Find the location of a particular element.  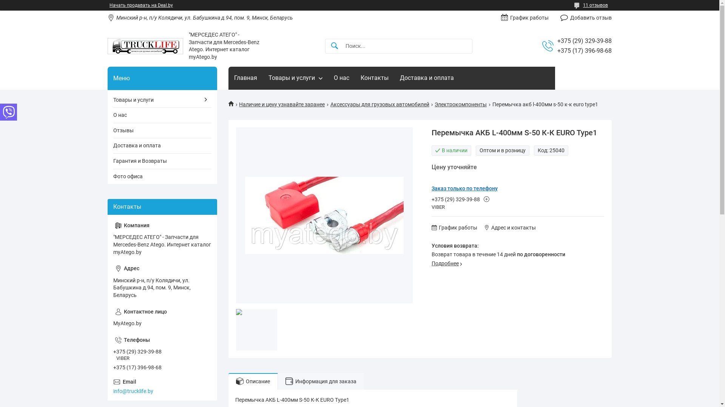

'info@trucklife.by' is located at coordinates (113, 387).